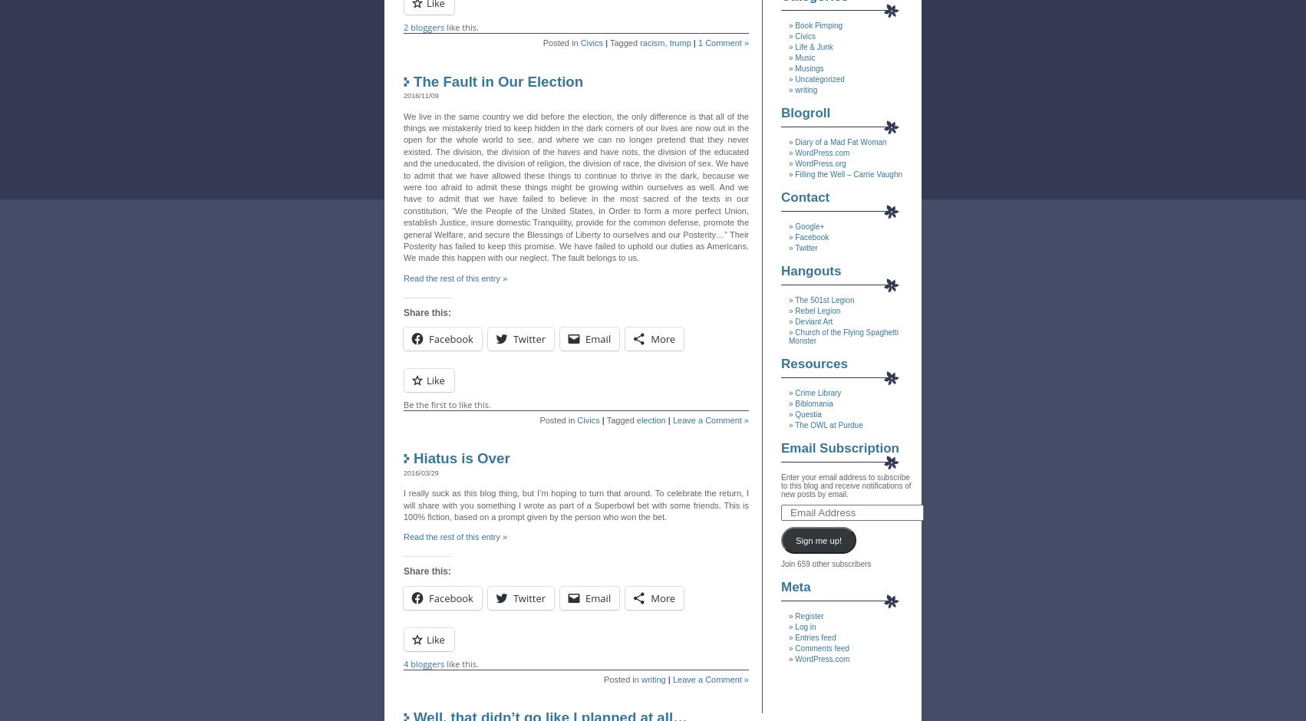 This screenshot has width=1306, height=721. Describe the element at coordinates (808, 68) in the screenshot. I see `'Musings'` at that location.